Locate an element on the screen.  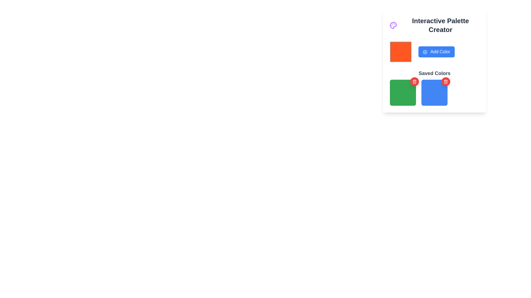
the red circular button located at the top-right corner of the blue square box in the 'Saved Colors' section is located at coordinates (446, 82).